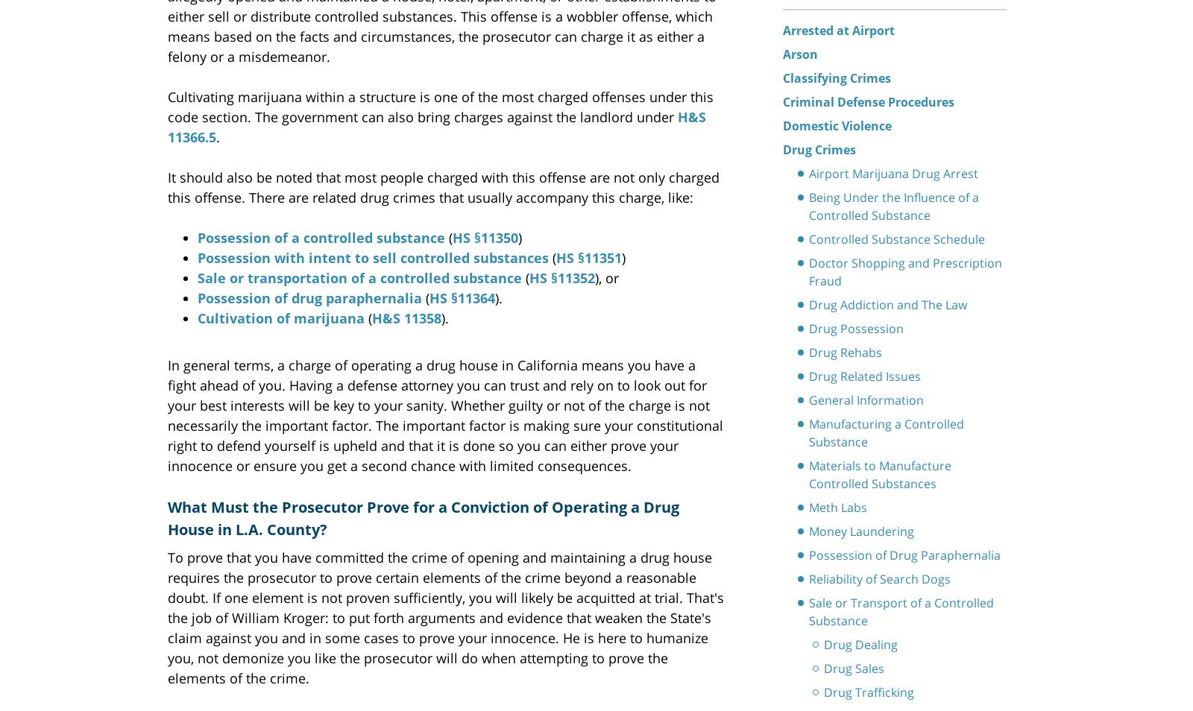  I want to click on 'Cultivation of marijuana', so click(280, 317).